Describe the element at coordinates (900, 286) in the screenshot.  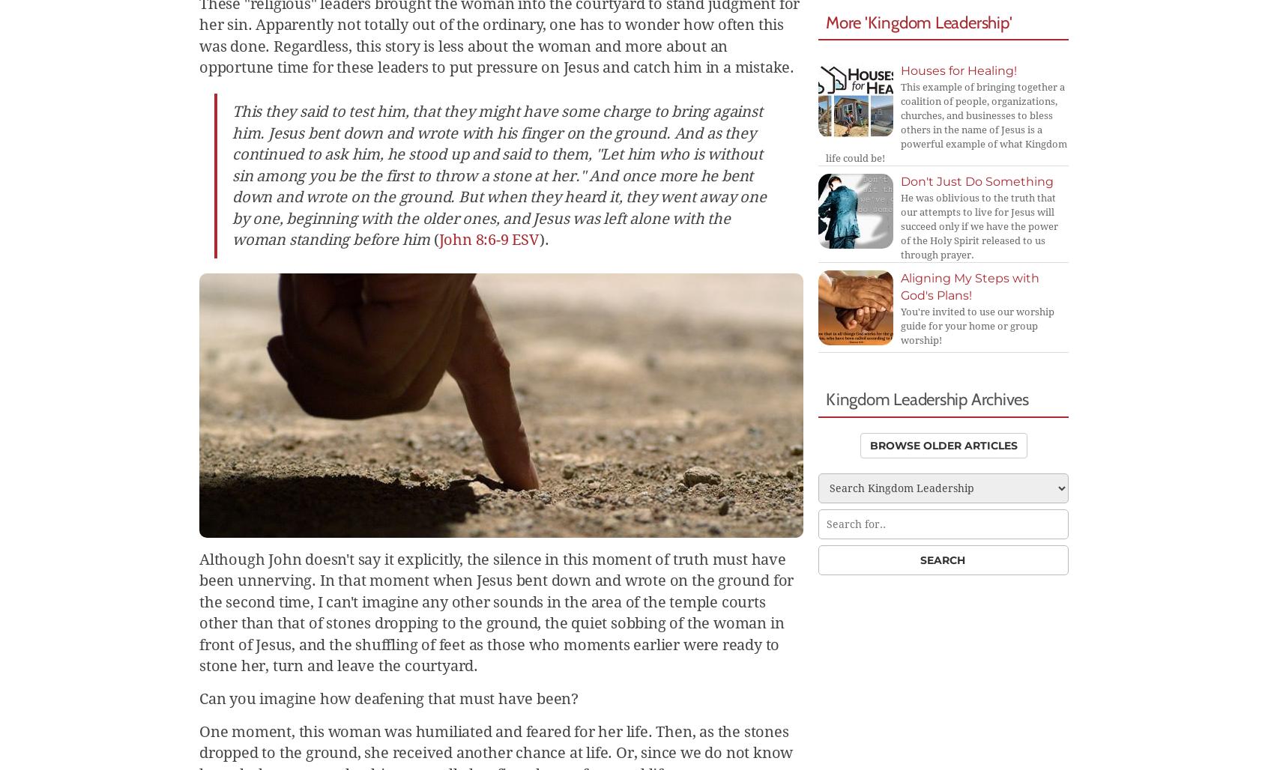
I see `'Aligning My Steps with God's Plans!'` at that location.